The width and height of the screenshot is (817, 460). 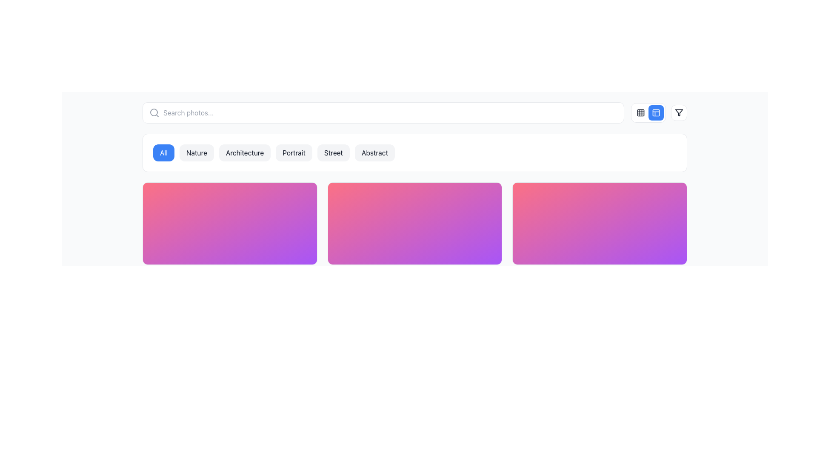 I want to click on the middle button in the group of three buttons located to the right side of the header section, so click(x=659, y=112).